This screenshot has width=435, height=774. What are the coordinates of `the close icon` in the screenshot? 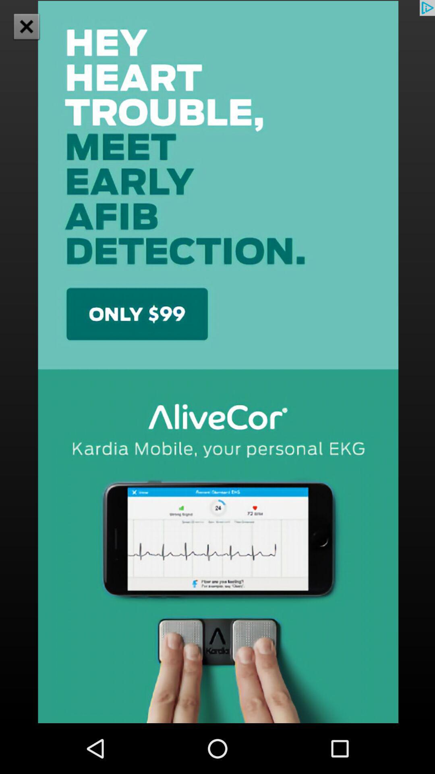 It's located at (26, 28).